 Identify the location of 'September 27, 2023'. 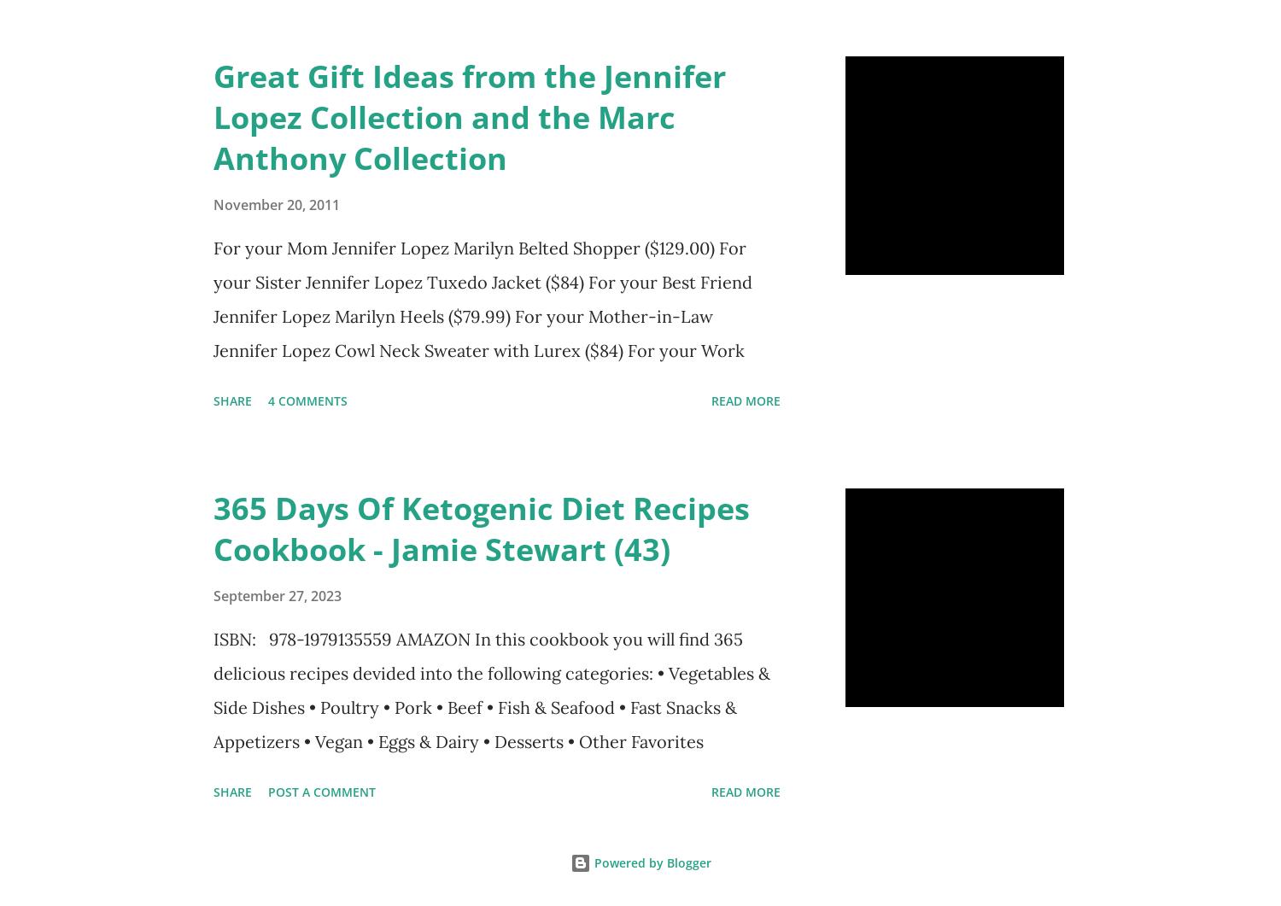
(277, 593).